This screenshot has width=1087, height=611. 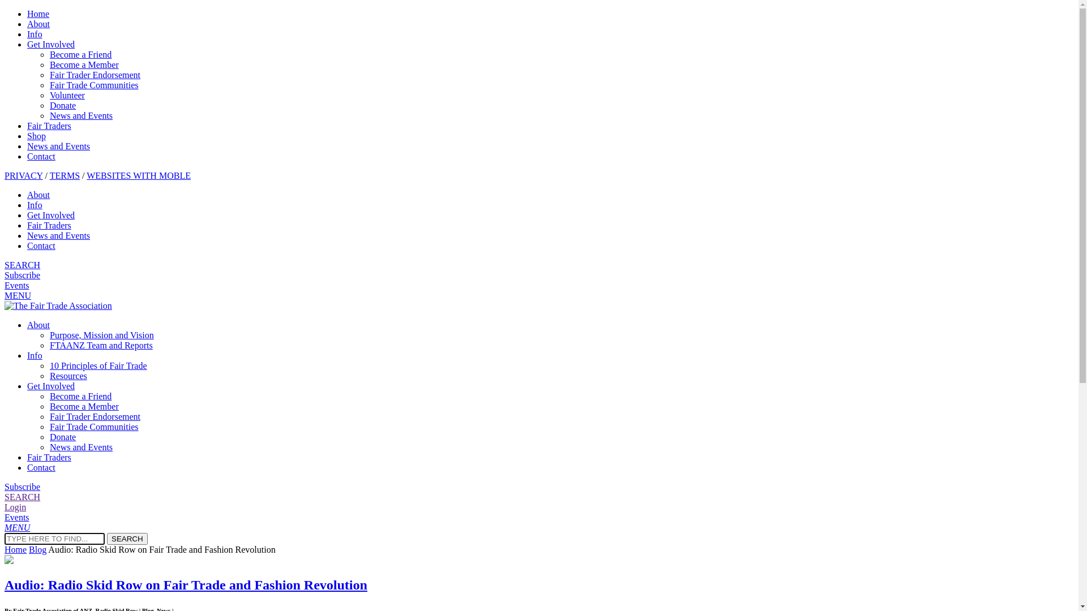 What do you see at coordinates (58, 145) in the screenshot?
I see `'News and Events'` at bounding box center [58, 145].